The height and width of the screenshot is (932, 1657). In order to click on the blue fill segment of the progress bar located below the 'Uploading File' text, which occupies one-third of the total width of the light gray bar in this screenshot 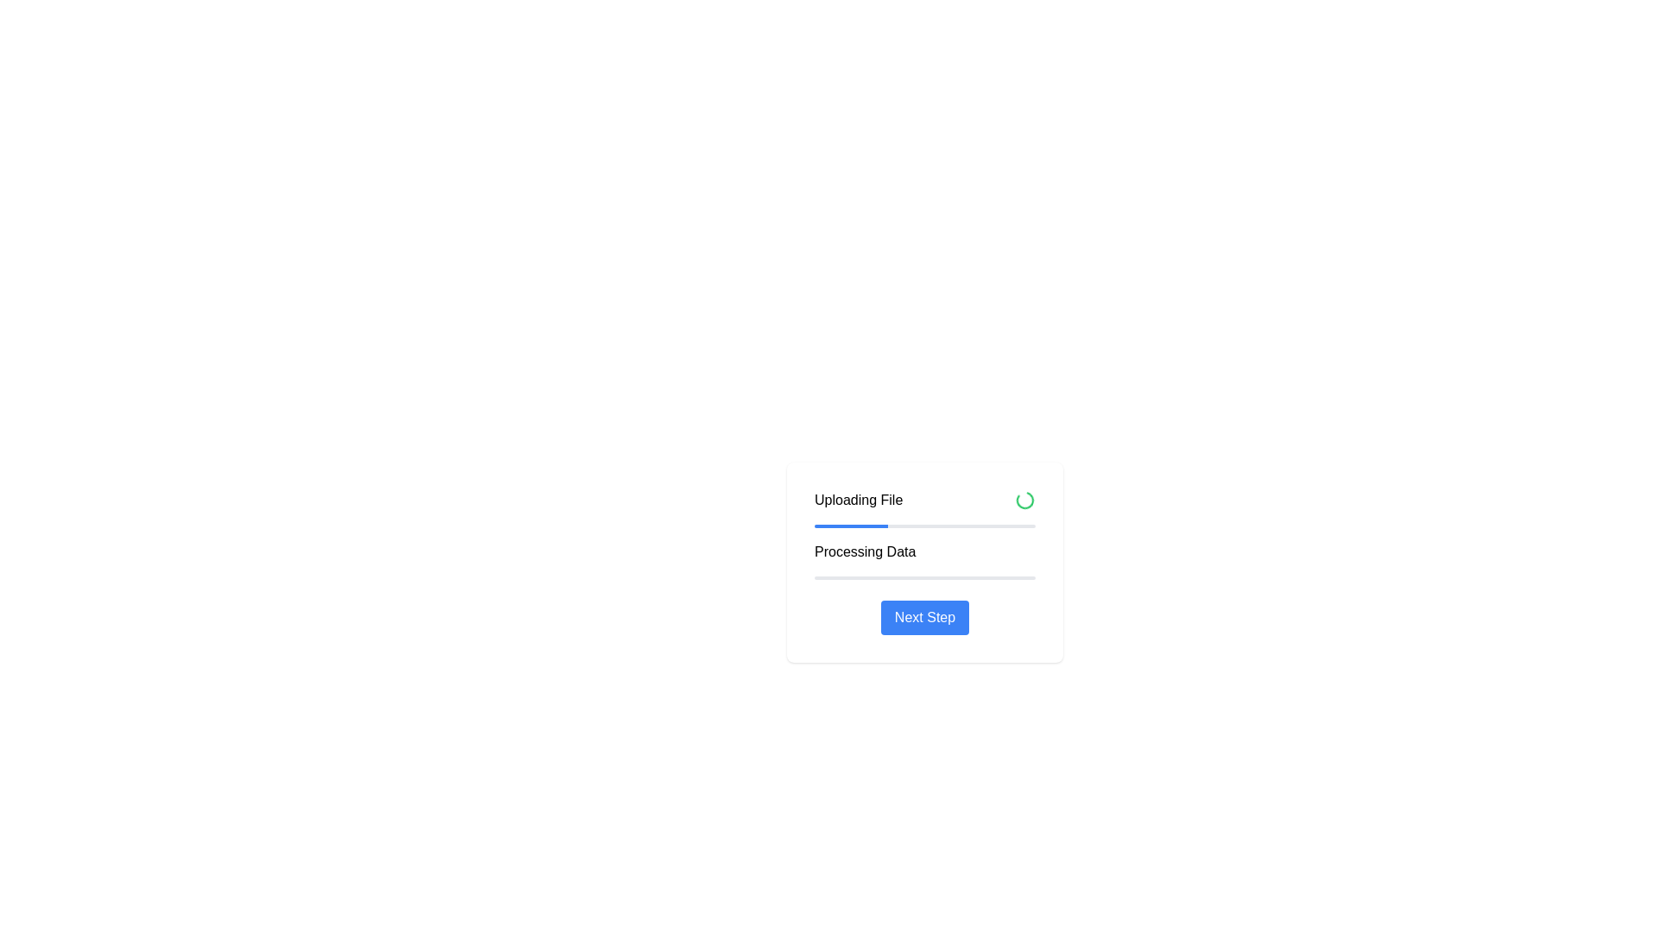, I will do `click(851, 525)`.